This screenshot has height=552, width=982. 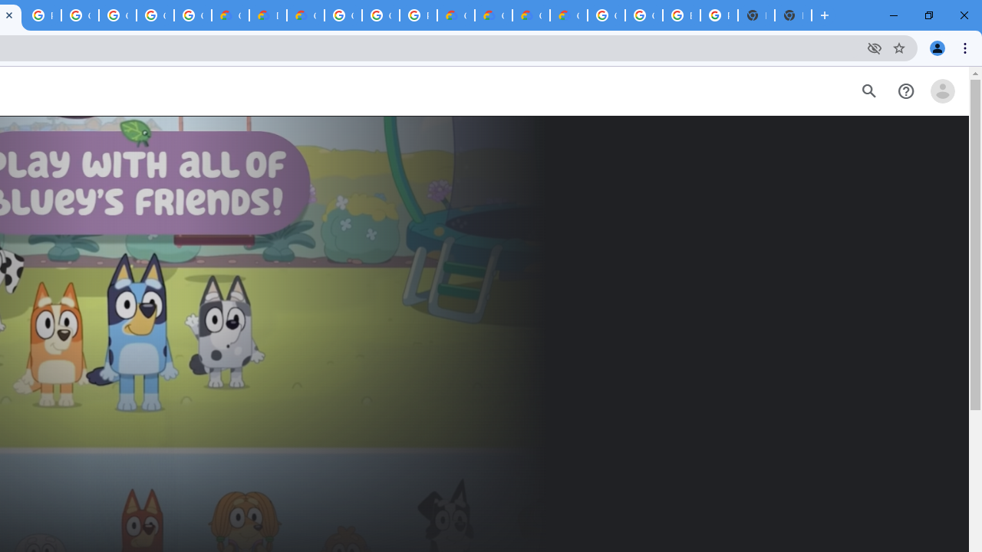 I want to click on 'Google Cloud Platform', so click(x=381, y=15).